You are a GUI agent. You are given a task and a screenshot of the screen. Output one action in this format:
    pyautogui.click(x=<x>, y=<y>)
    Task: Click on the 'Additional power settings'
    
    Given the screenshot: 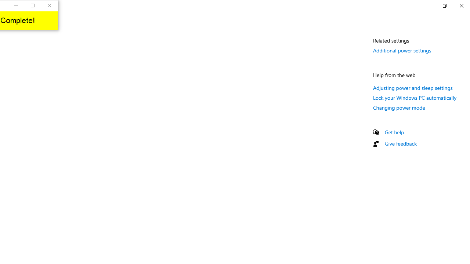 What is the action you would take?
    pyautogui.click(x=402, y=50)
    